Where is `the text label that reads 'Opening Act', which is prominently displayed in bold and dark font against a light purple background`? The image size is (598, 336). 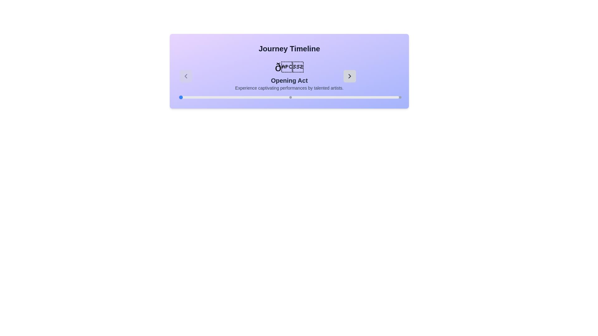 the text label that reads 'Opening Act', which is prominently displayed in bold and dark font against a light purple background is located at coordinates (289, 80).